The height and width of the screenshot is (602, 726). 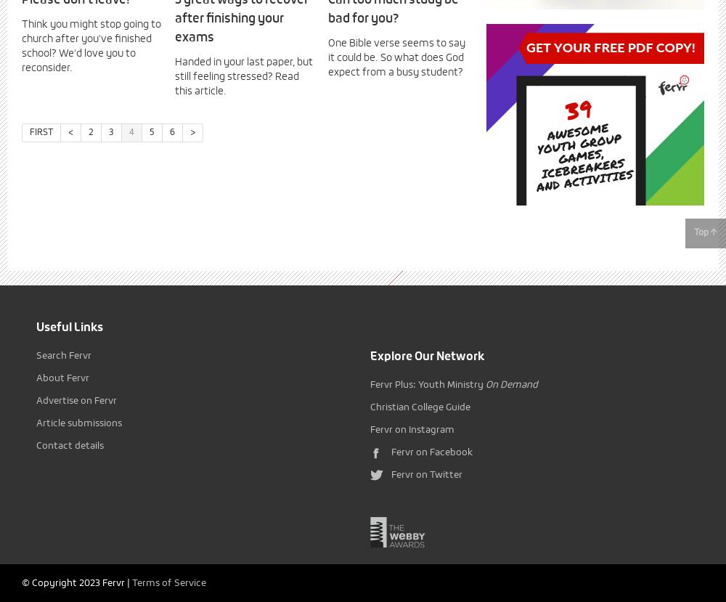 I want to click on 'About Fervr', so click(x=36, y=378).